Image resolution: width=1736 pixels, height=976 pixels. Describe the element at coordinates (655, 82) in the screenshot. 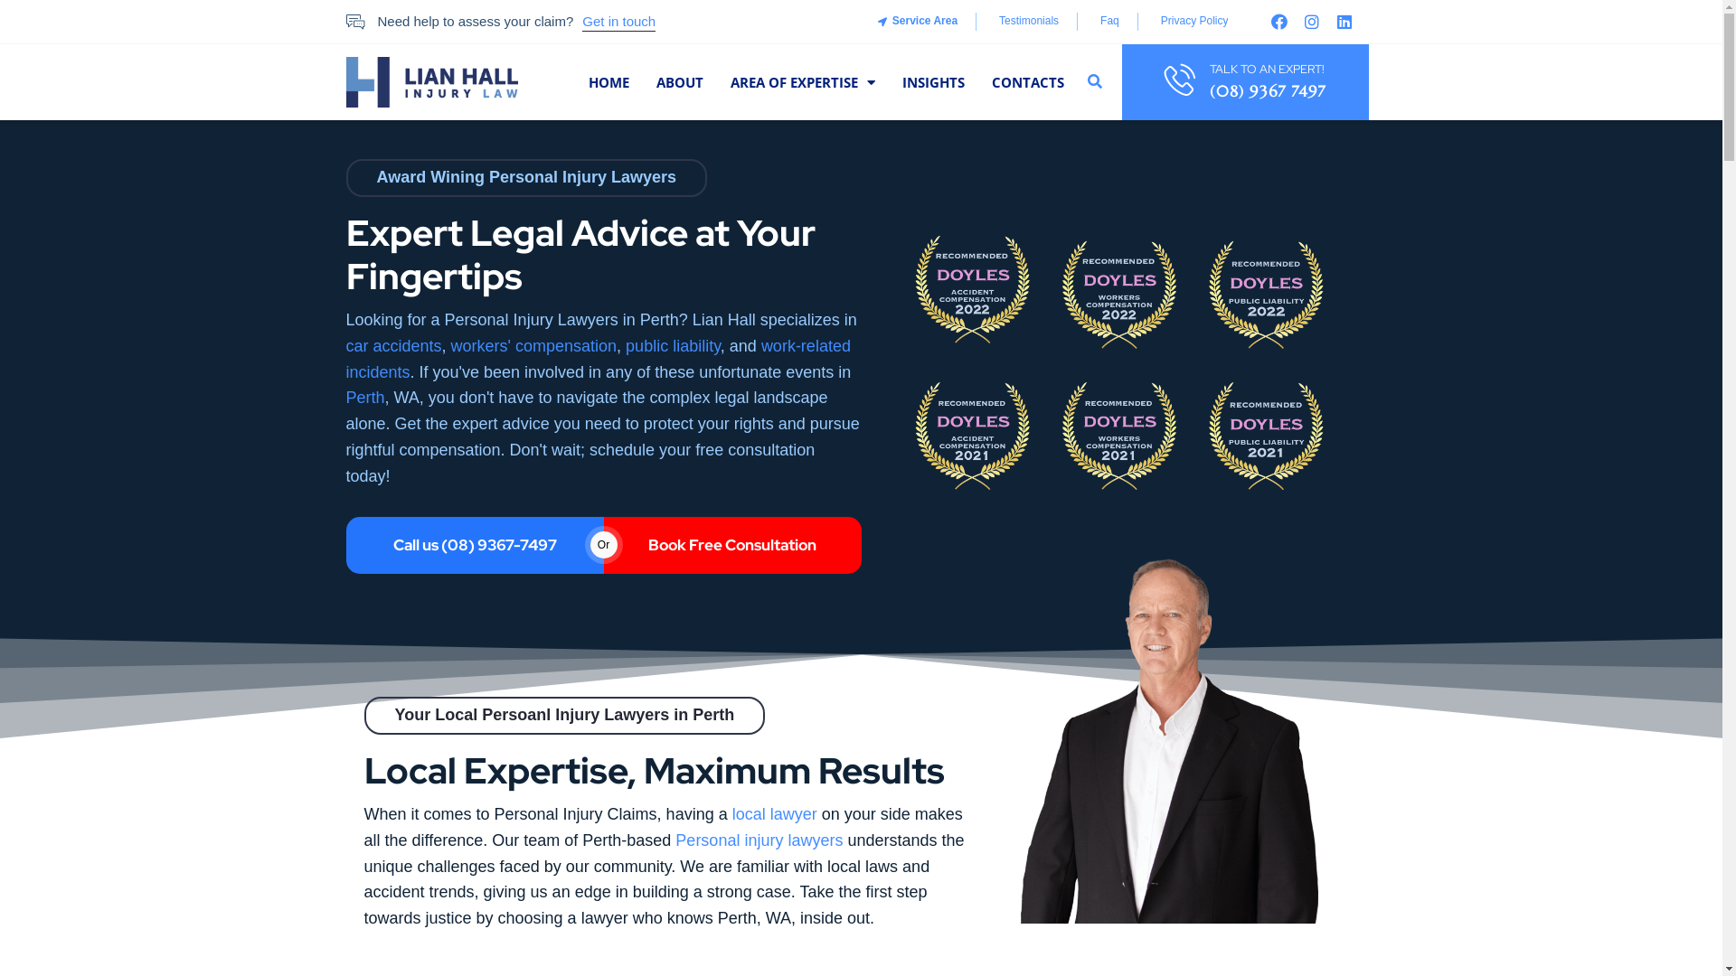

I see `'ABOUT'` at that location.